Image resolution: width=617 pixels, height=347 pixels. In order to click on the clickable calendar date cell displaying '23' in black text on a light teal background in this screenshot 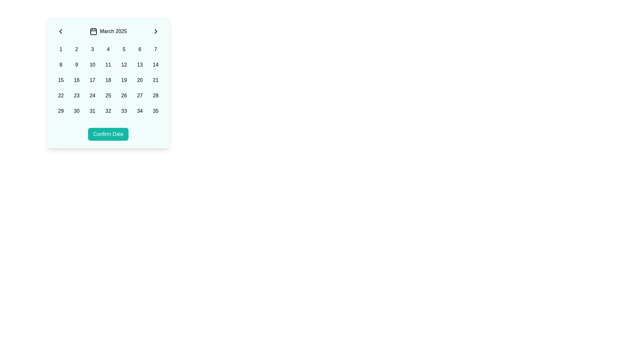, I will do `click(76, 95)`.